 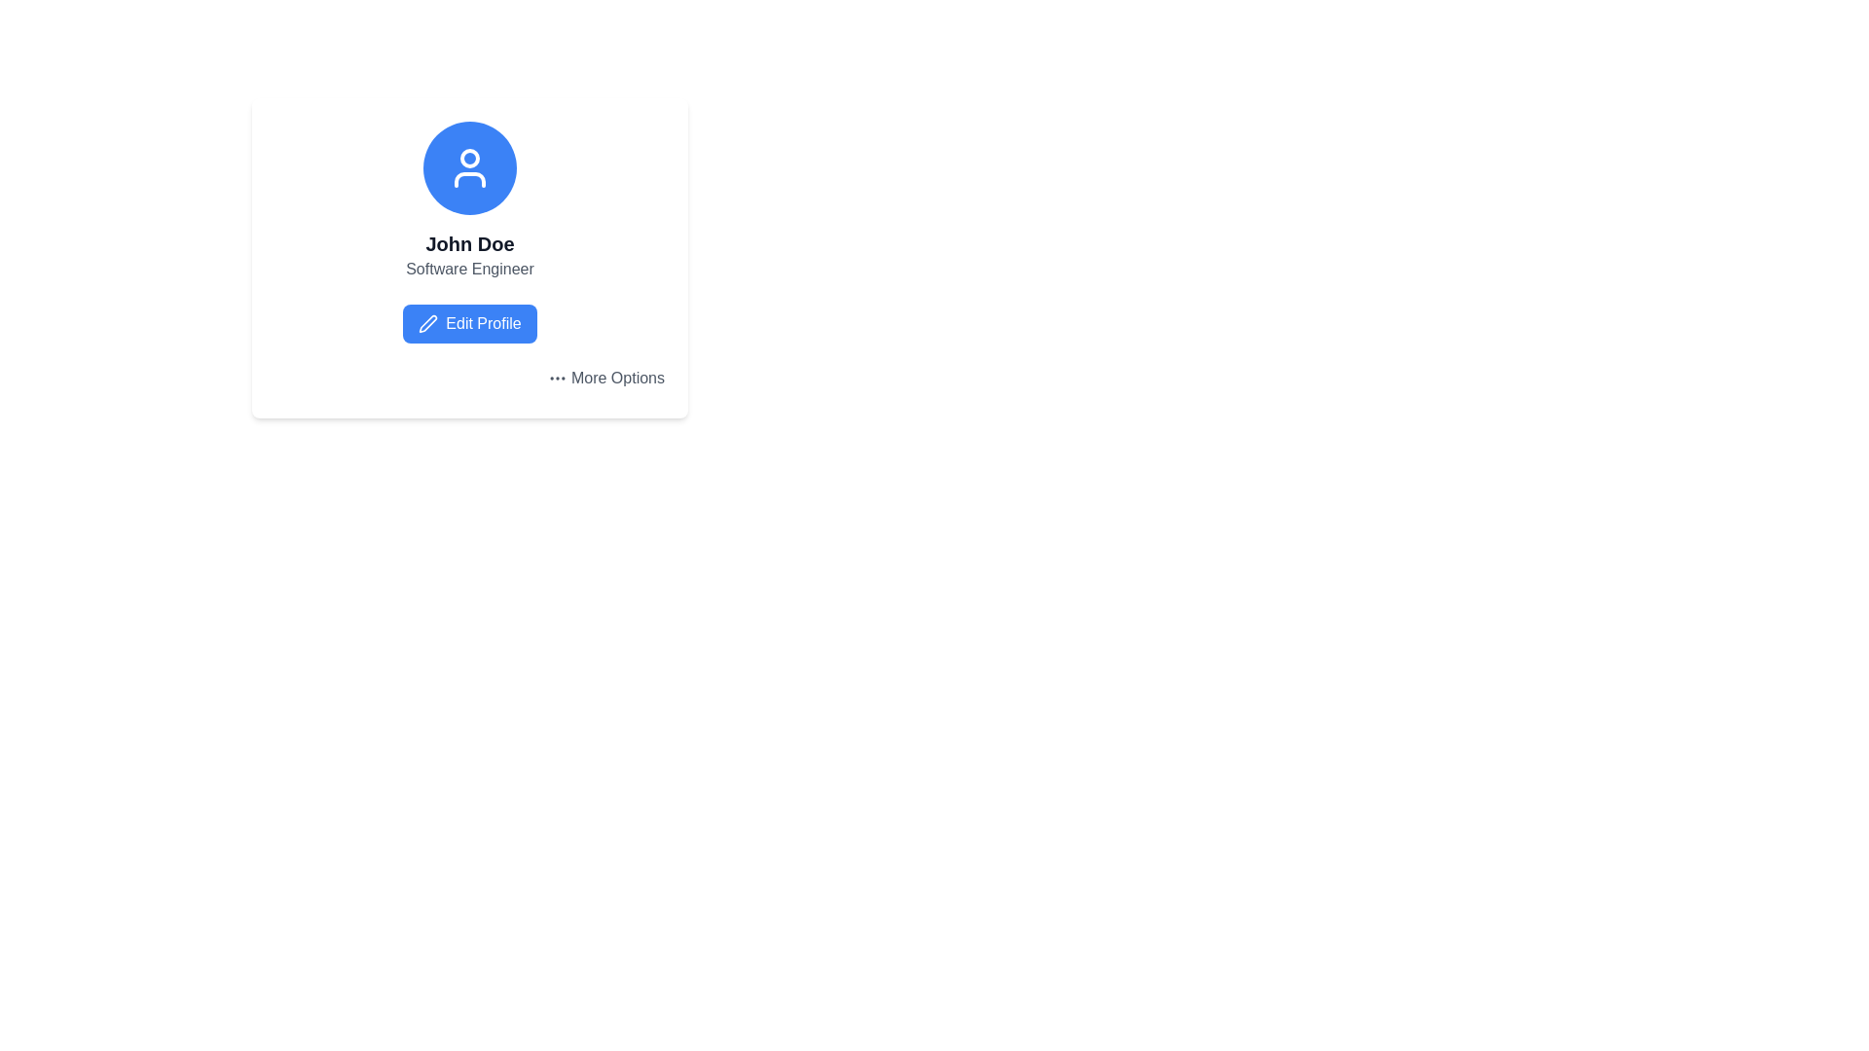 What do you see at coordinates (470, 270) in the screenshot?
I see `the static text label displaying 'Software Engineer', which is styled in gray and positioned below the heading 'John Doe' in the center of the card layout` at bounding box center [470, 270].